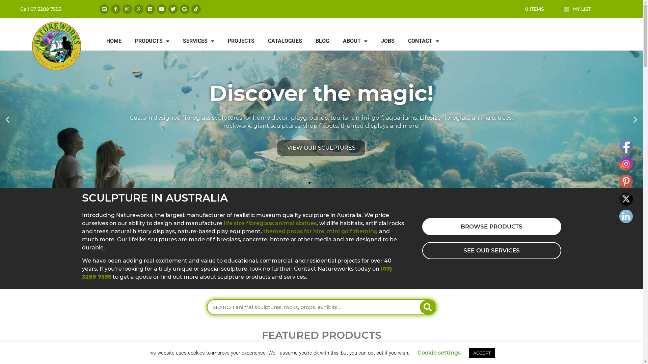  What do you see at coordinates (285, 41) in the screenshot?
I see `'CATALOGUES'` at bounding box center [285, 41].